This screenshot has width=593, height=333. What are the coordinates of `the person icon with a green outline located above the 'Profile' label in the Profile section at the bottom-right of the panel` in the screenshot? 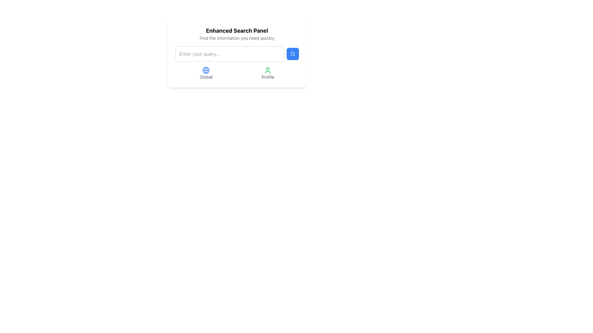 It's located at (268, 70).